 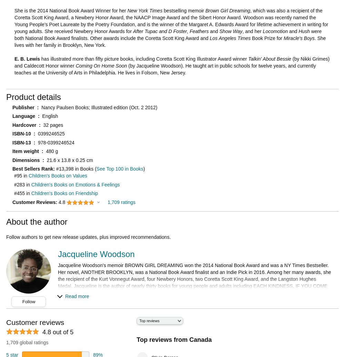 What do you see at coordinates (50, 116) in the screenshot?
I see `'English'` at bounding box center [50, 116].